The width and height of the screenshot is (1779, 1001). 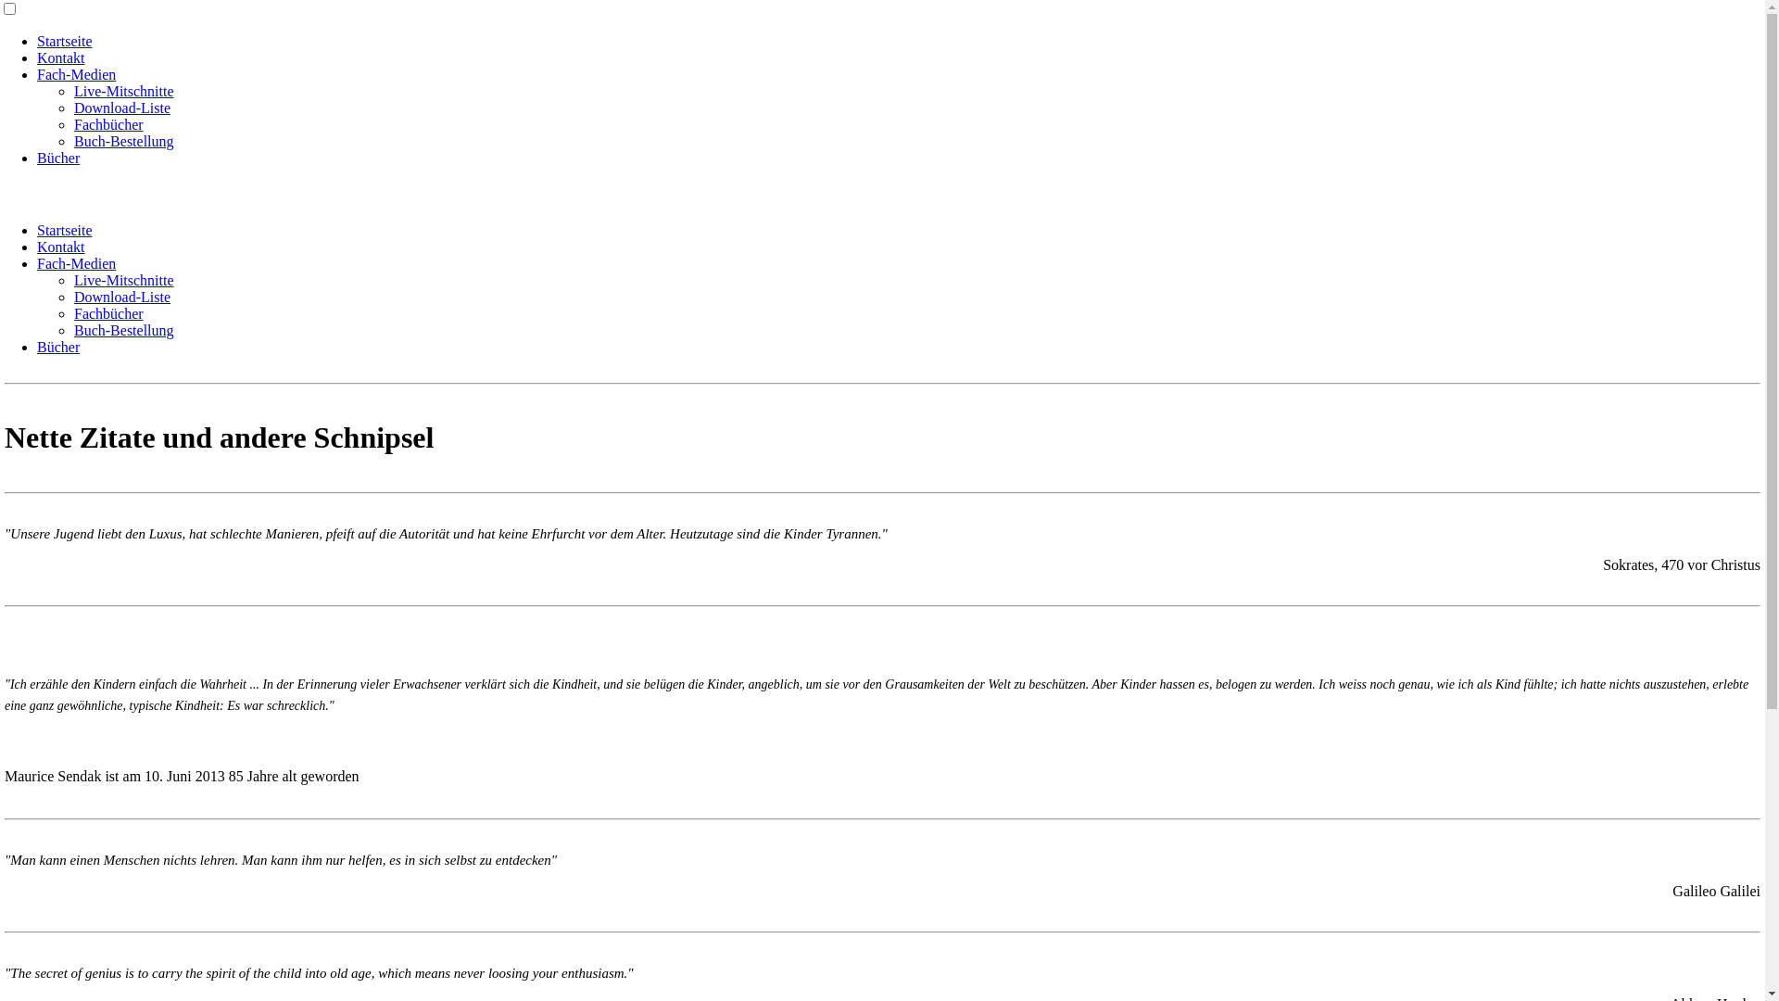 I want to click on 'Fach-Medien', so click(x=75, y=73).